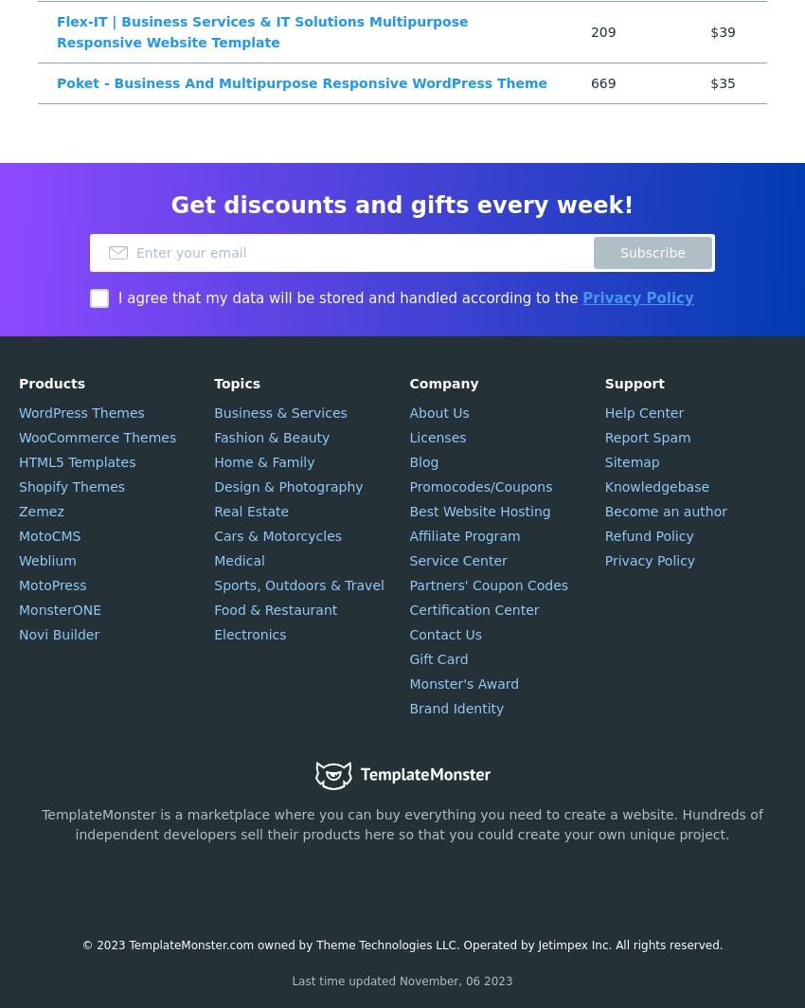 The width and height of the screenshot is (805, 1008). What do you see at coordinates (722, 32) in the screenshot?
I see `'$39'` at bounding box center [722, 32].